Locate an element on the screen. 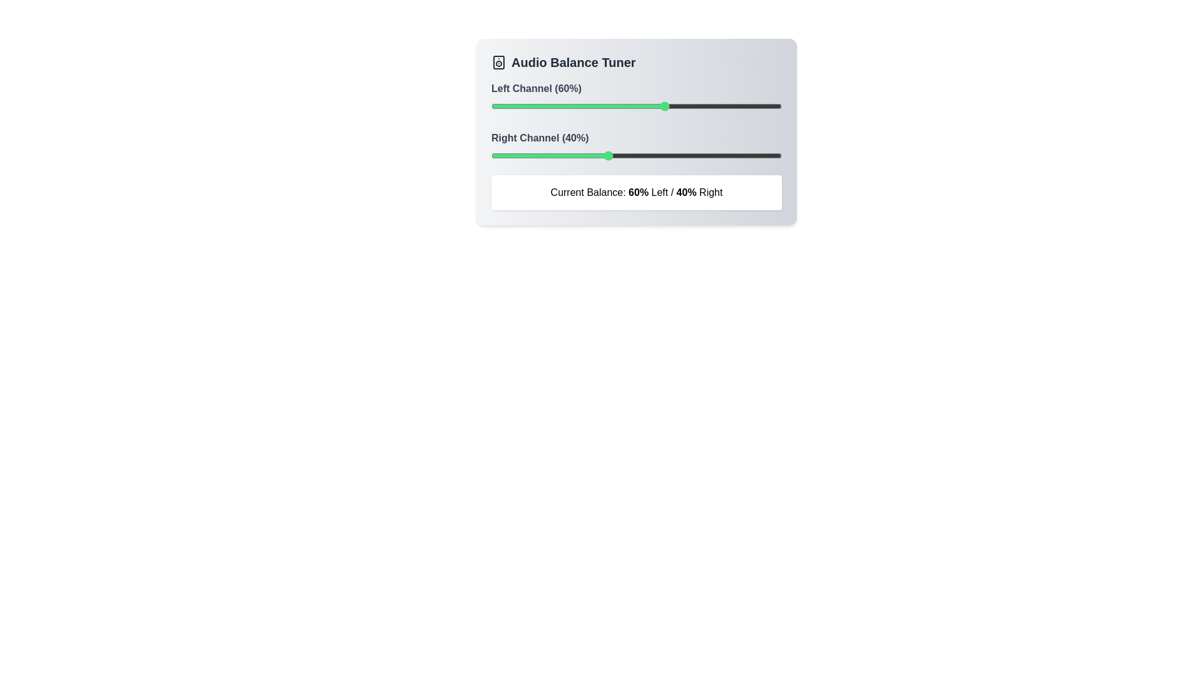  the balance of the 0 channel to 87% is located at coordinates (744, 105).